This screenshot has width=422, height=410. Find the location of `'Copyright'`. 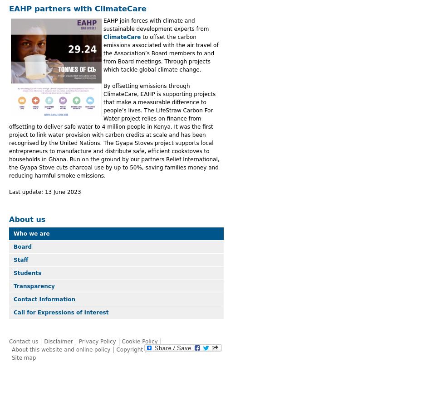

'Copyright' is located at coordinates (116, 349).